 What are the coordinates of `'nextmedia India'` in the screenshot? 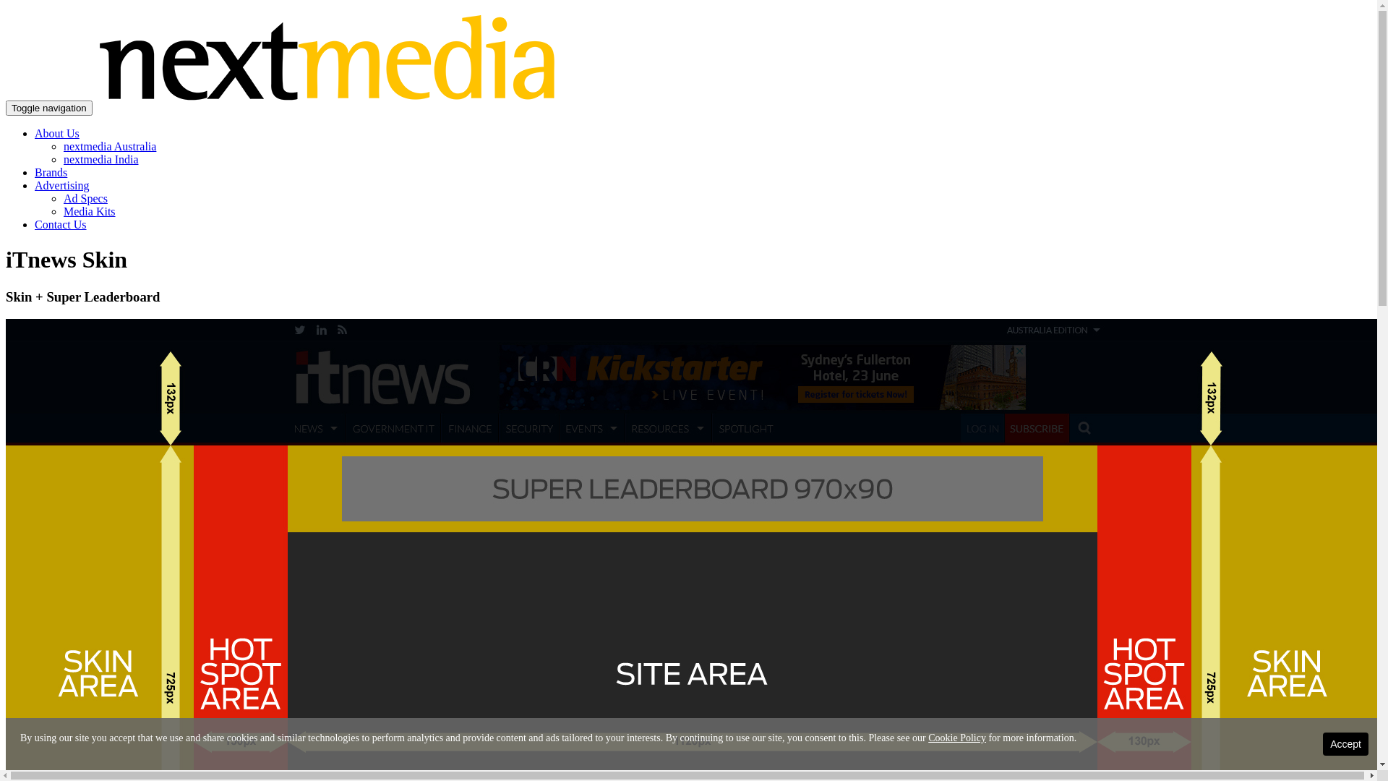 It's located at (62, 159).